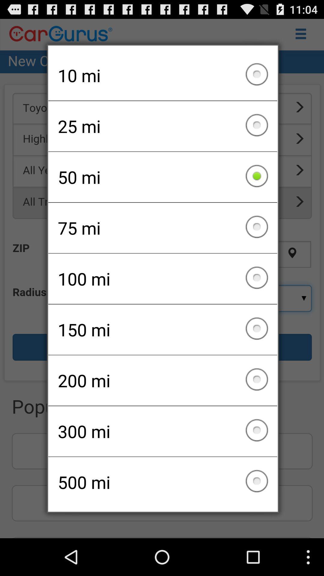 The height and width of the screenshot is (576, 324). Describe the element at coordinates (163, 126) in the screenshot. I see `the checkbox below 10 mi checkbox` at that location.